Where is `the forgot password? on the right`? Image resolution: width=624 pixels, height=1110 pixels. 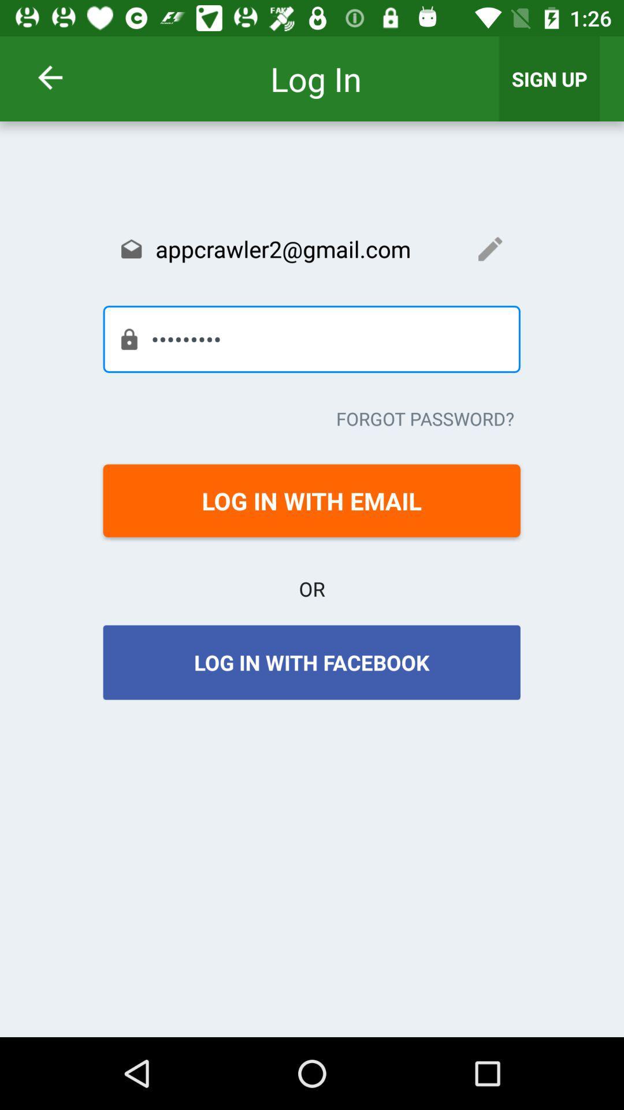
the forgot password? on the right is located at coordinates (425, 418).